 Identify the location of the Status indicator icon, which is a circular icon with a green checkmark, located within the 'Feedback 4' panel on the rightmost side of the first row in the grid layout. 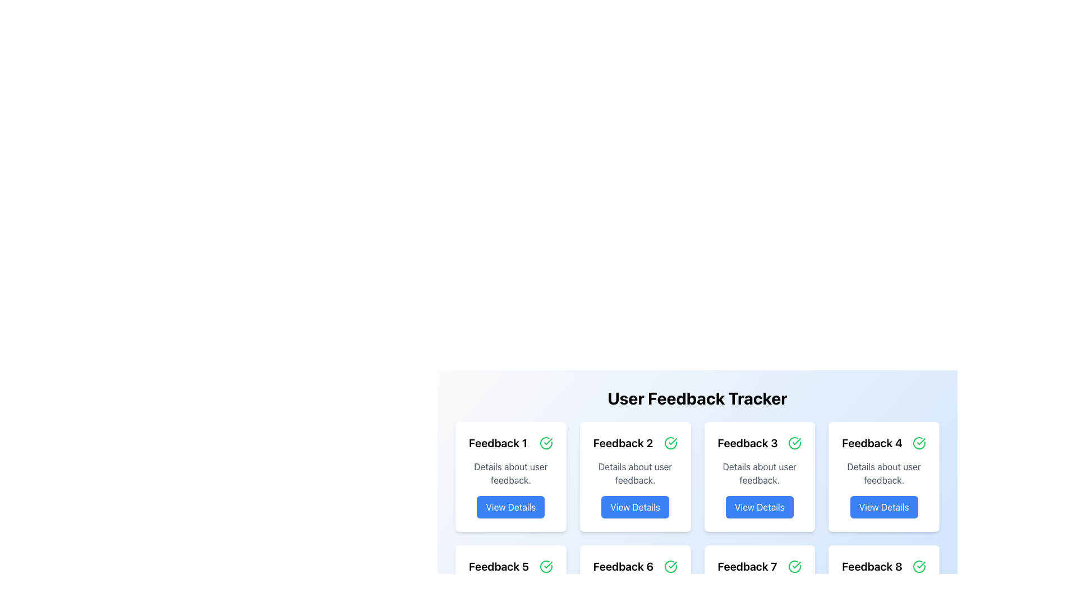
(919, 443).